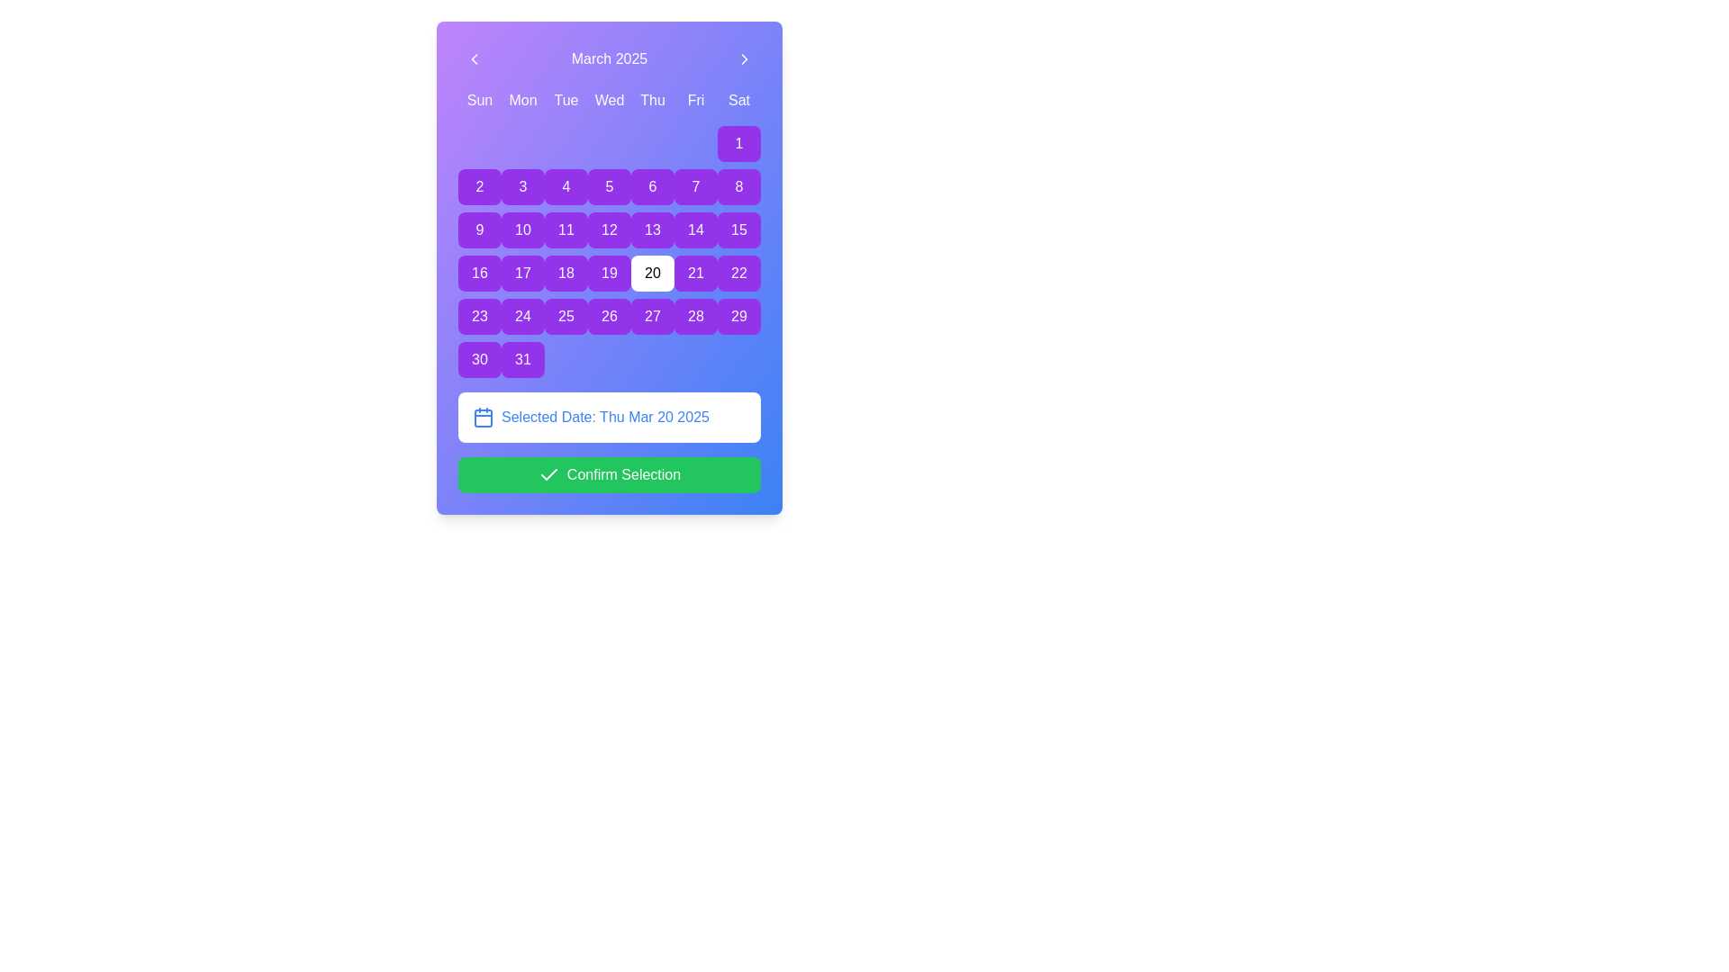  What do you see at coordinates (738, 229) in the screenshot?
I see `the purple square button with rounded corners containing the number '15' to trigger the tooltip or hover effect` at bounding box center [738, 229].